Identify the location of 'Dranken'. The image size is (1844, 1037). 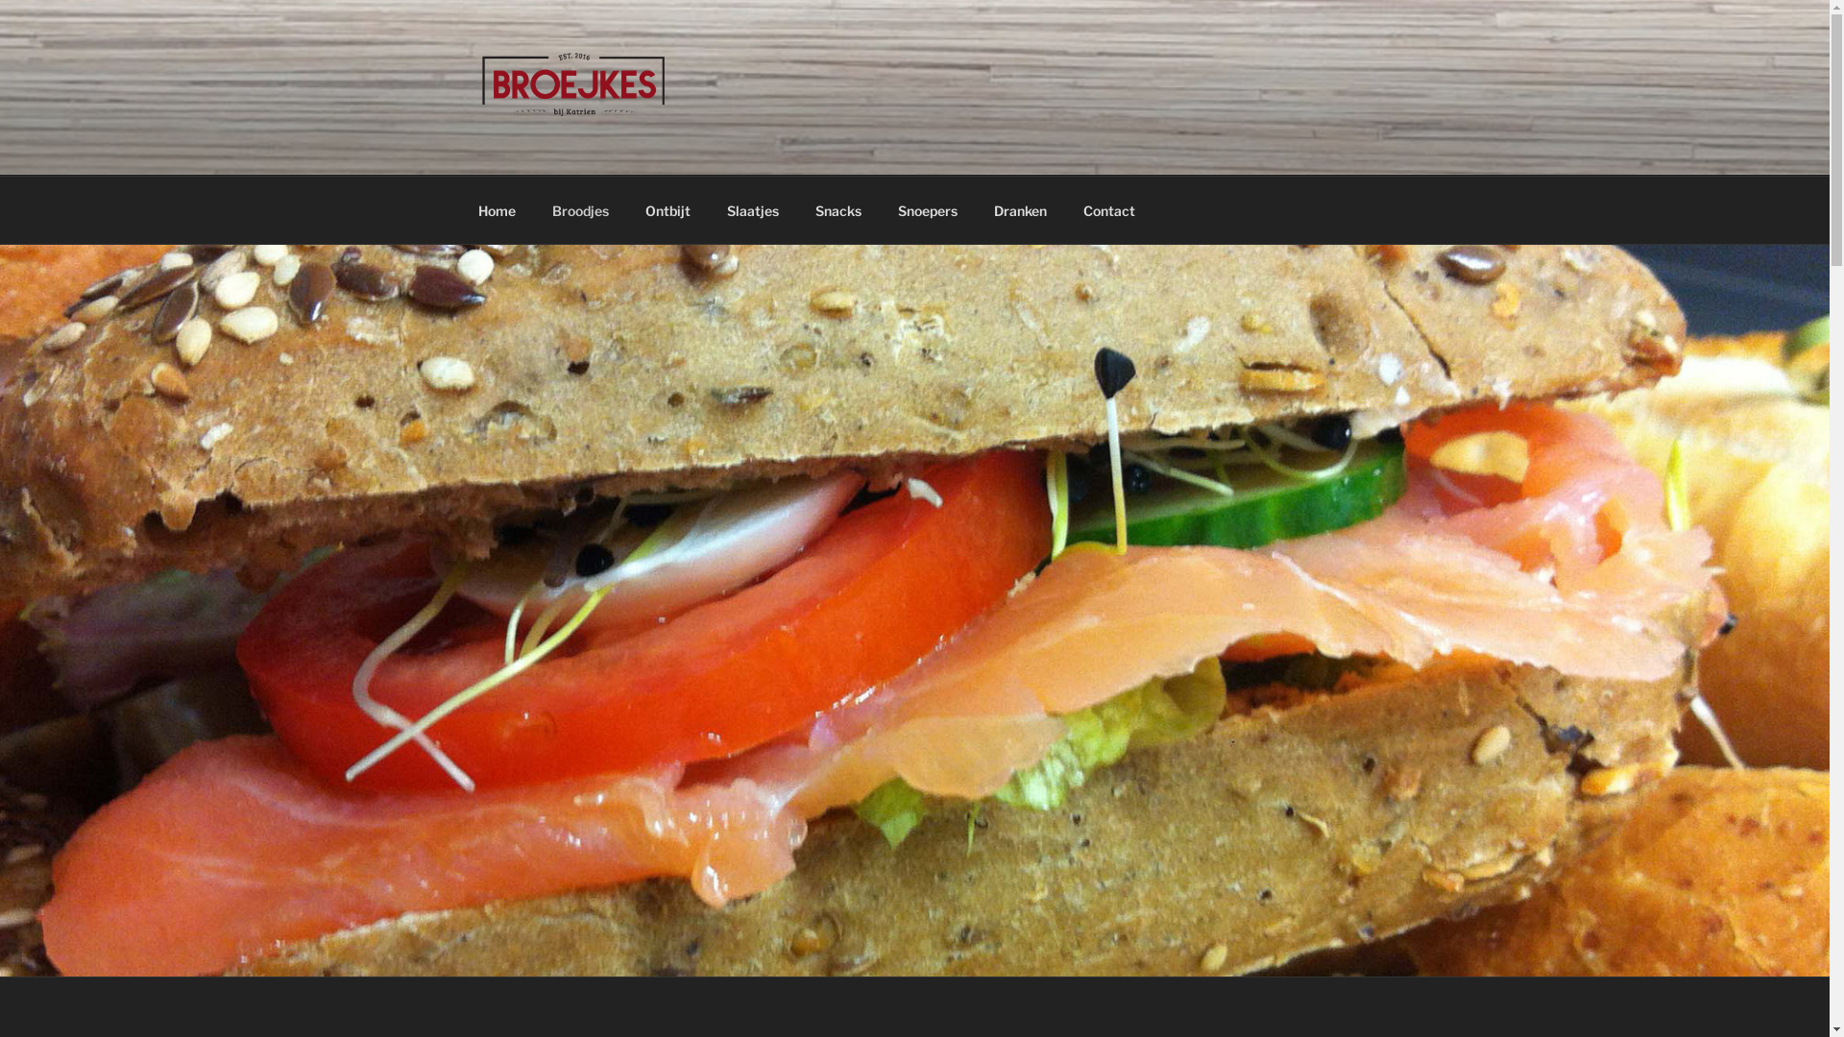
(1019, 209).